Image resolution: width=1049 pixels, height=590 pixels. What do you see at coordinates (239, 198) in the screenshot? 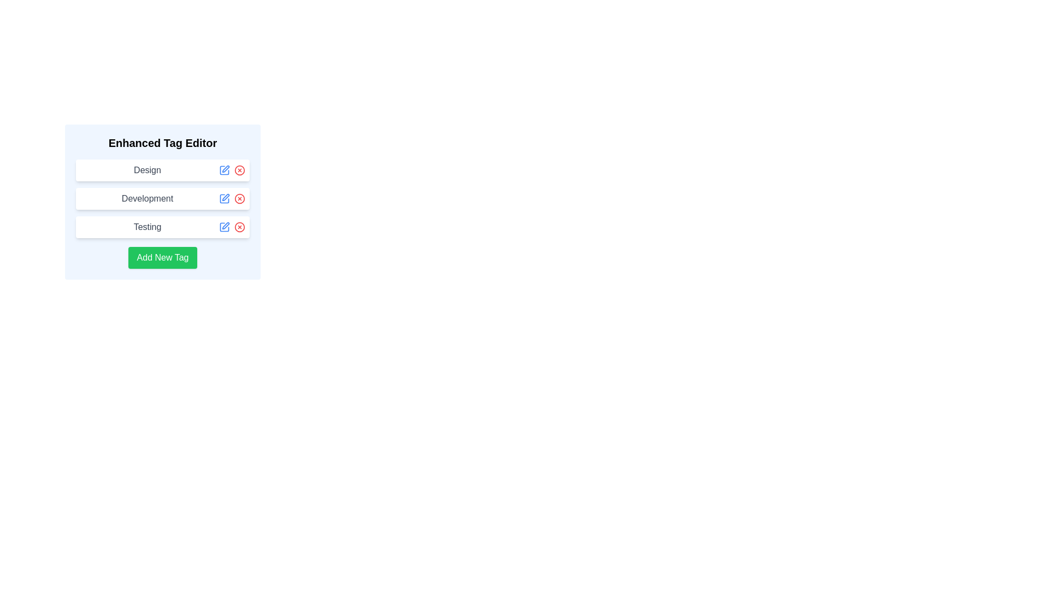
I see `the circular red icon with a white 'X' symbol, associated with the 'Development' text field in the Enhanced Tag Editor` at bounding box center [239, 198].